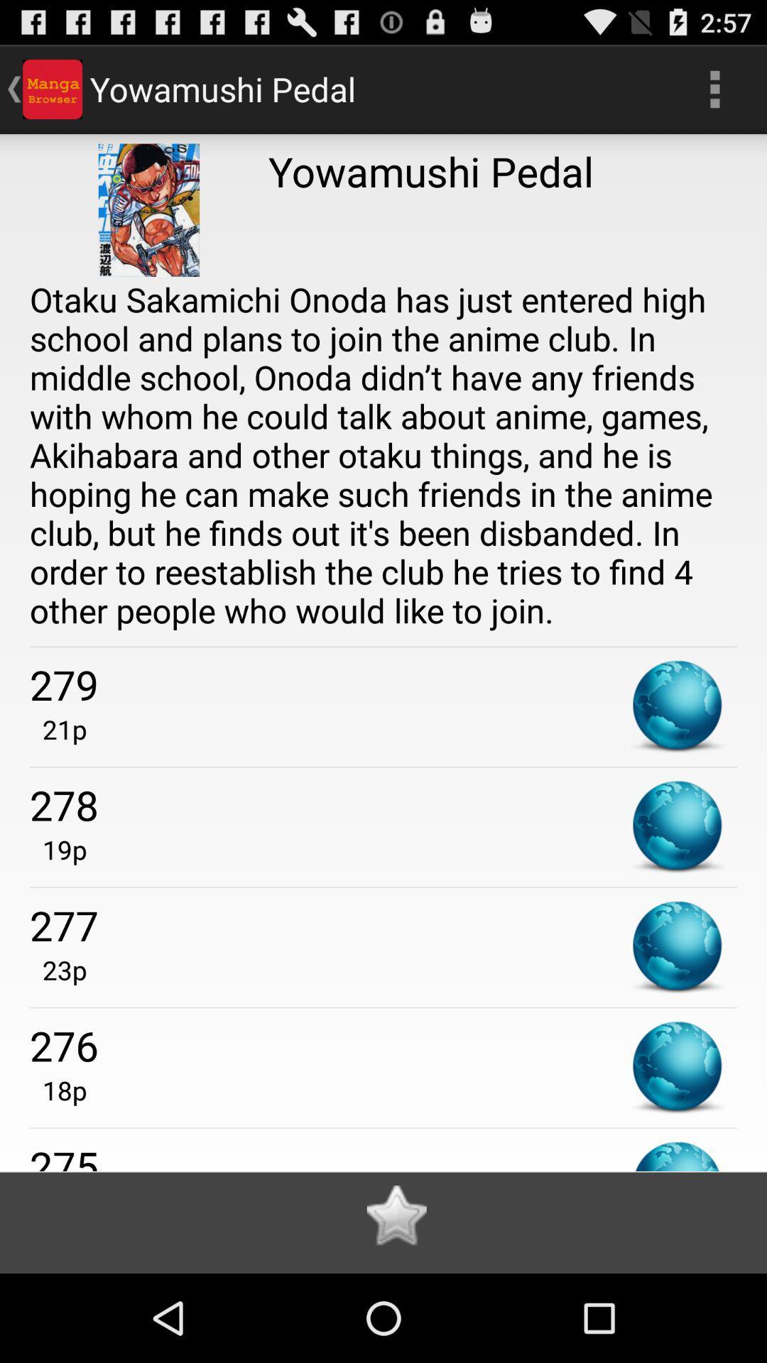 The height and width of the screenshot is (1363, 767). I want to click on the 279 app, so click(383, 684).